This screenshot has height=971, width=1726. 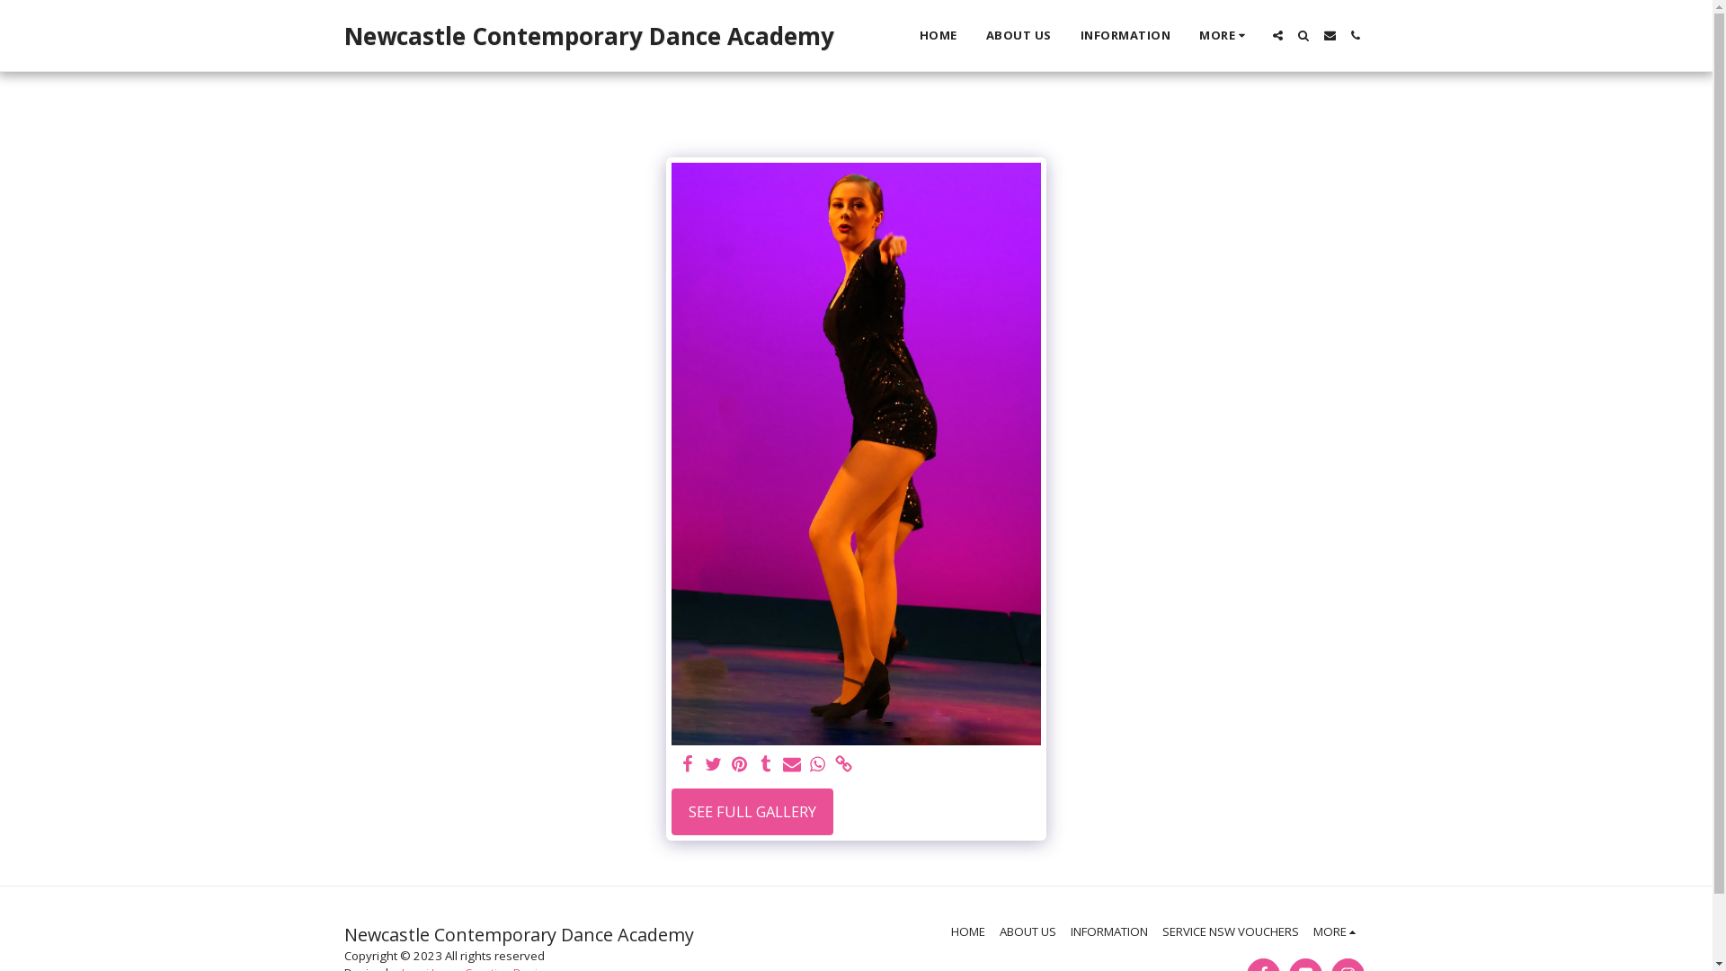 I want to click on 'SERVICE NSW VOUCHERS', so click(x=1229, y=931).